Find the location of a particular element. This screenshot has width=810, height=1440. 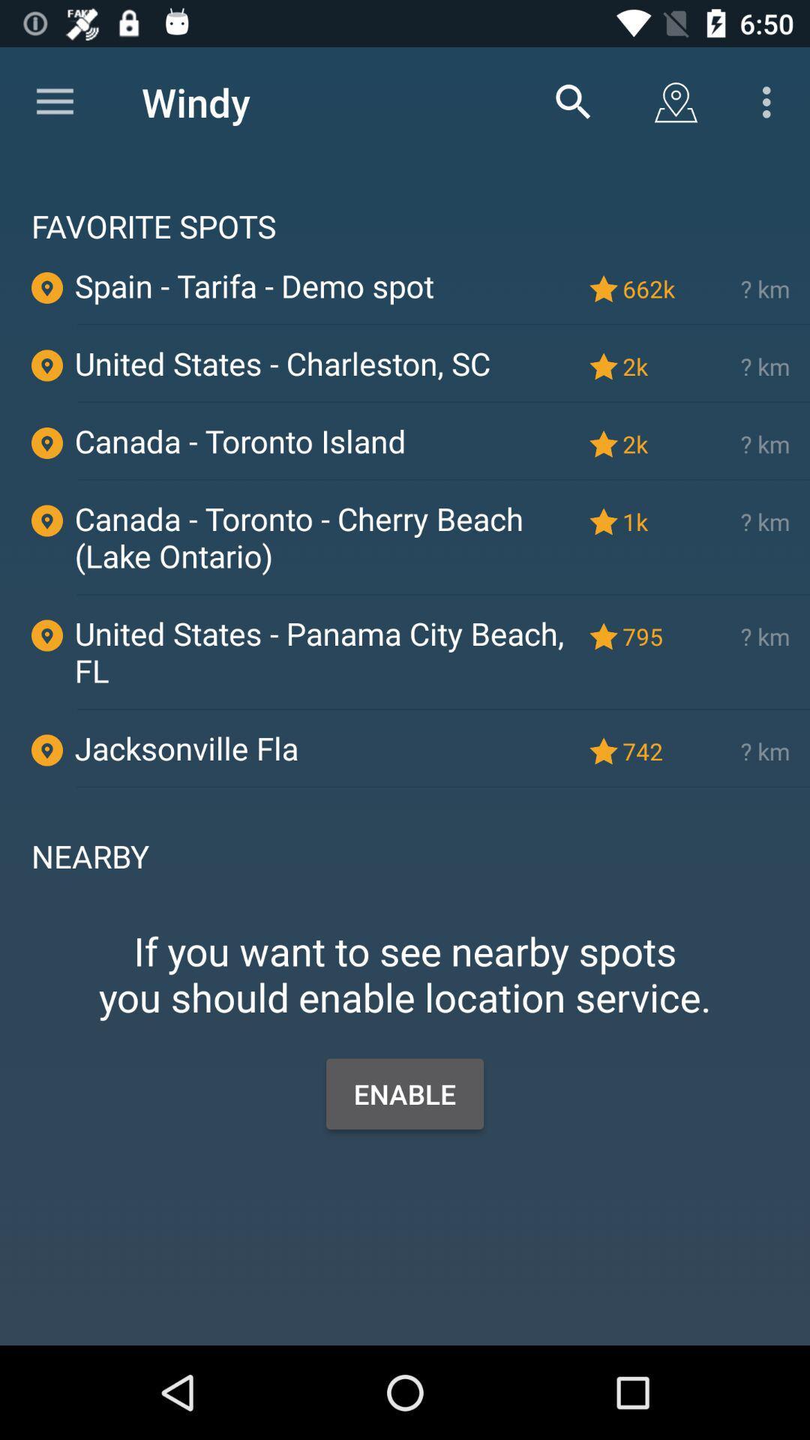

the 795 icon is located at coordinates (651, 636).